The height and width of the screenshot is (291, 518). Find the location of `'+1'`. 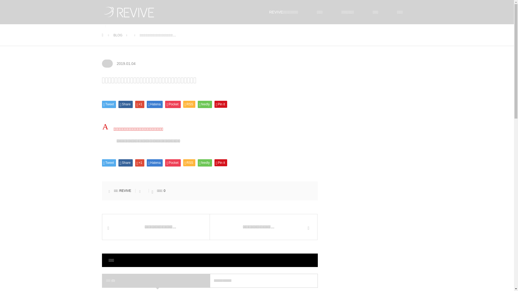

'+1' is located at coordinates (140, 104).